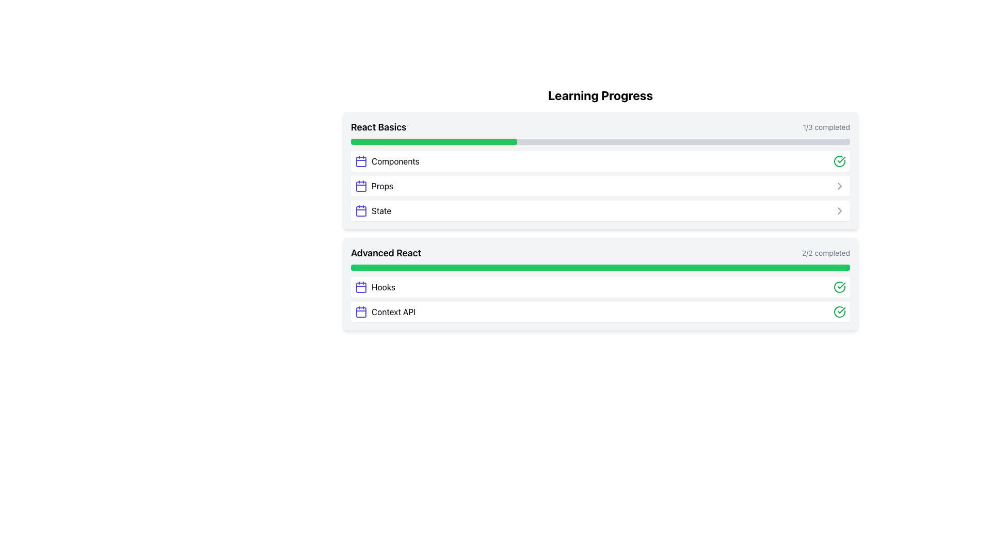  What do you see at coordinates (840, 312) in the screenshot?
I see `the circular green icon with a checkmark that indicates completion, located in the 'Advanced React' section adjacent to the 'Context API' progress entry` at bounding box center [840, 312].